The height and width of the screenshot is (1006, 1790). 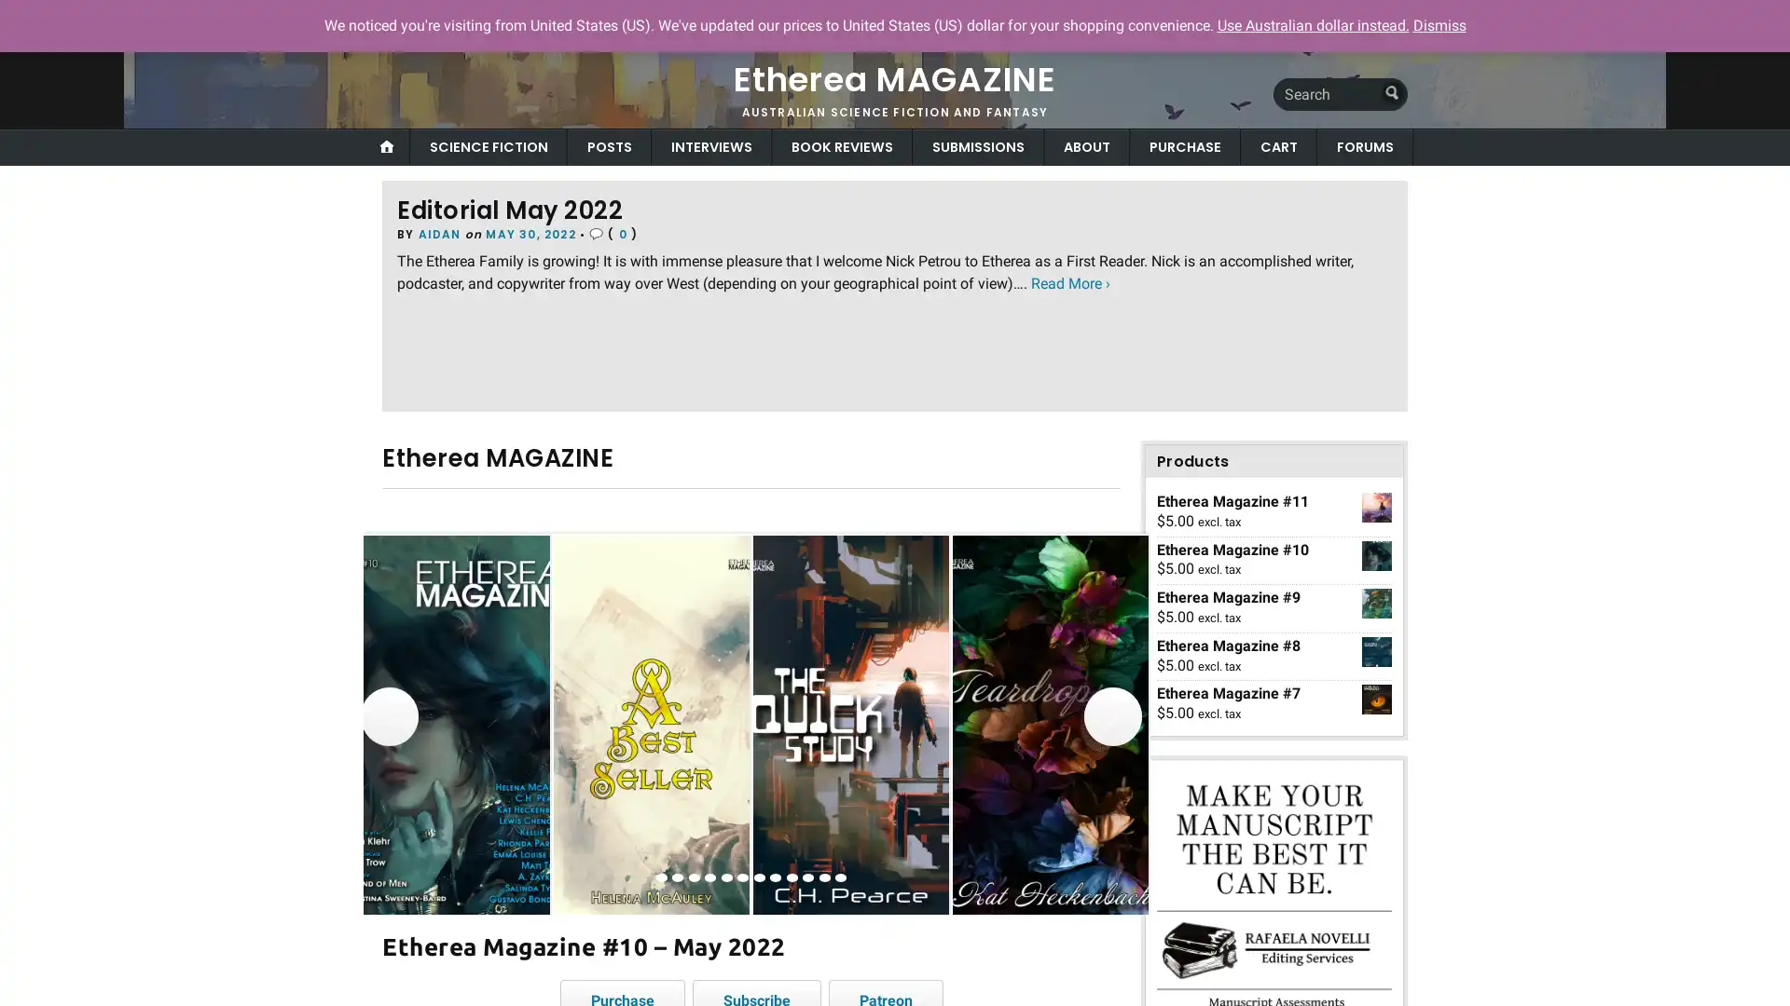 What do you see at coordinates (693, 877) in the screenshot?
I see `view image 3 of 12 in carousel` at bounding box center [693, 877].